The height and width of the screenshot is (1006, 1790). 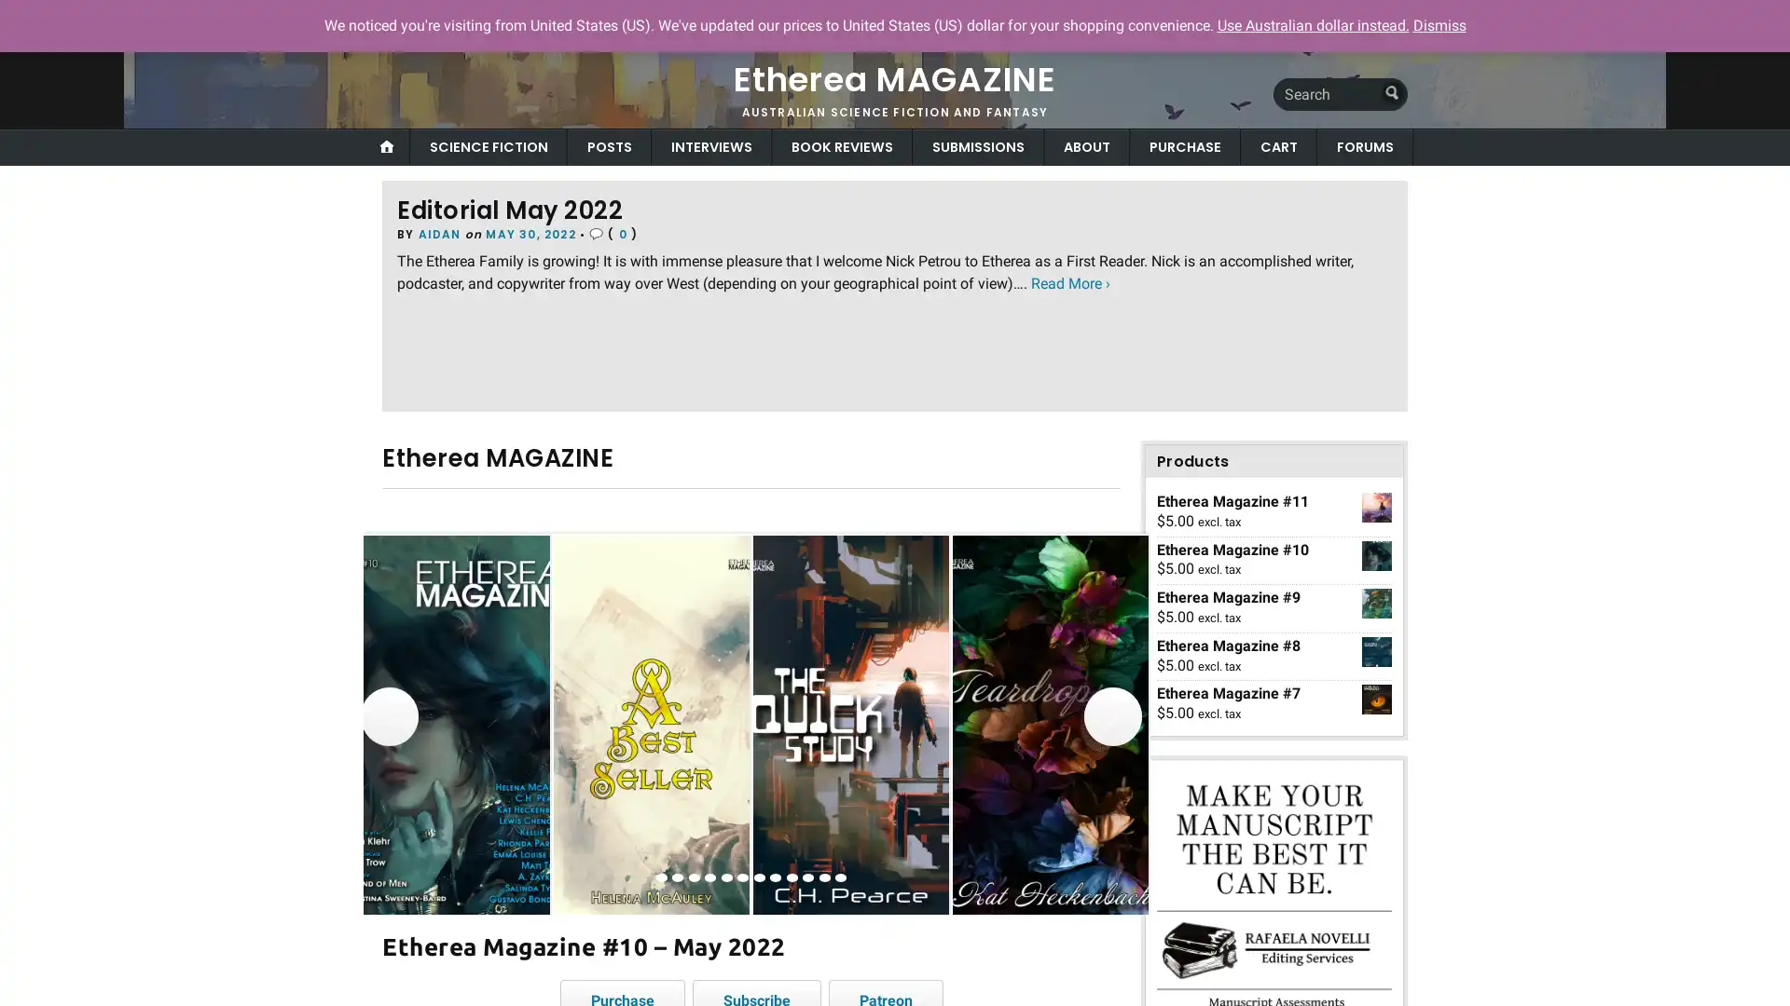 What do you see at coordinates (693, 877) in the screenshot?
I see `view image 3 of 12 in carousel` at bounding box center [693, 877].